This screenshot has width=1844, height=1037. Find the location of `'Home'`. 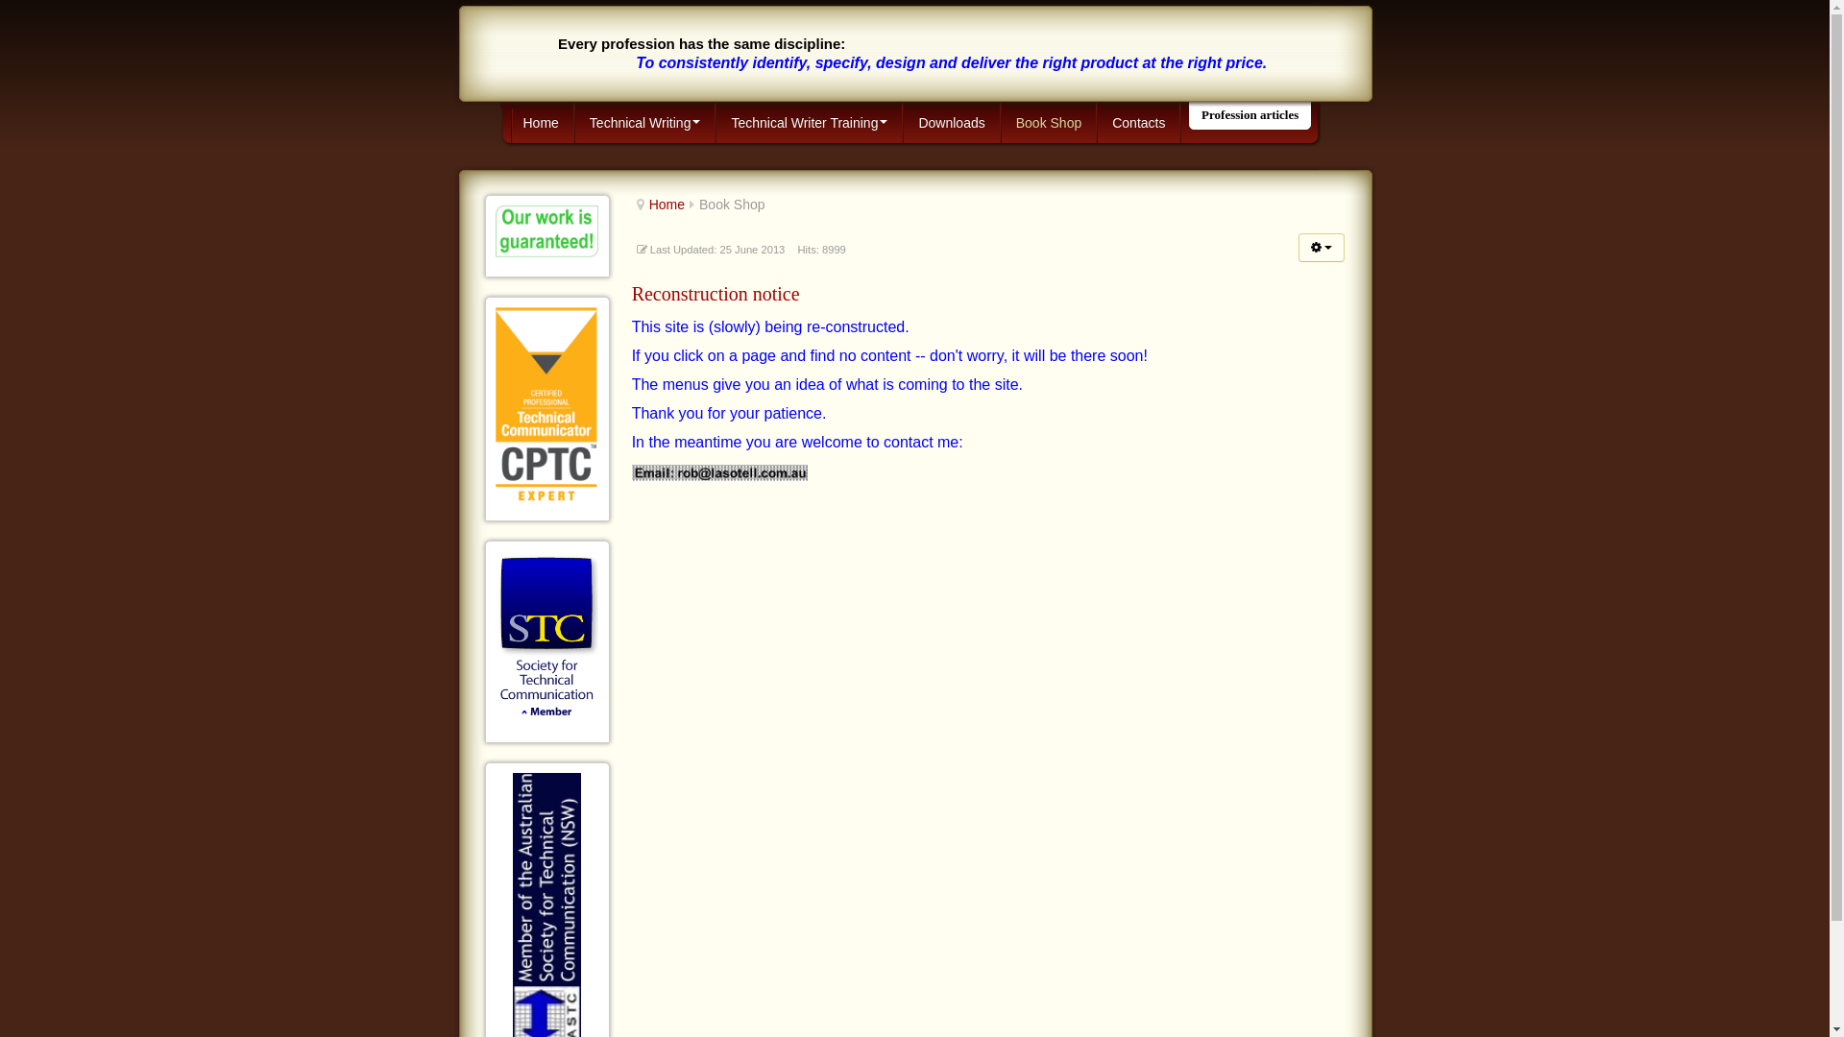

'Home' is located at coordinates (667, 204).